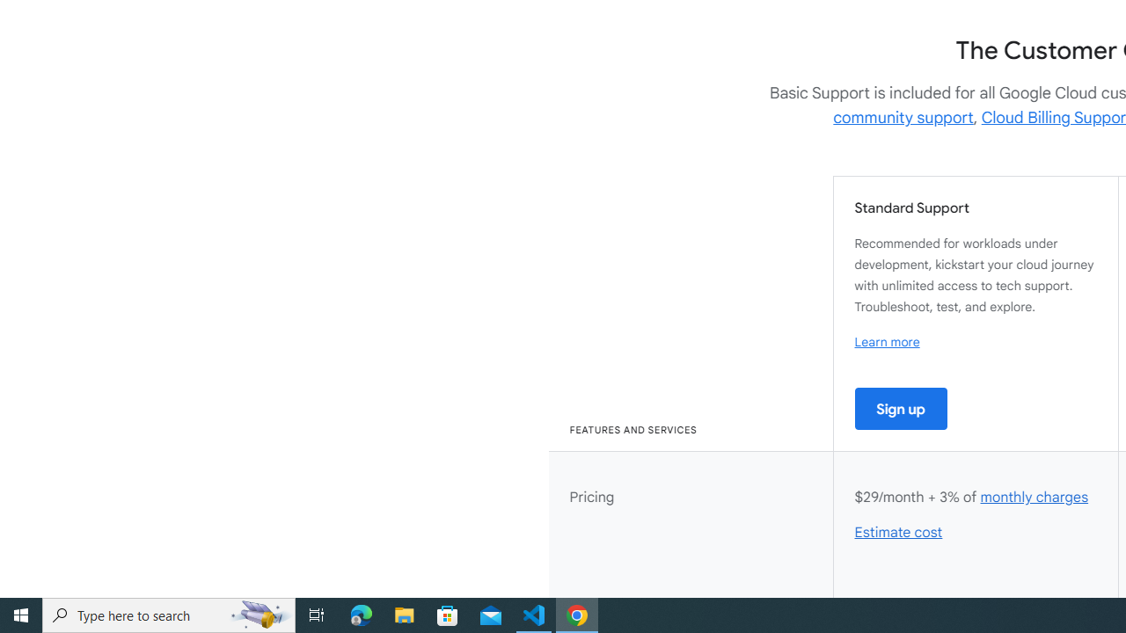  I want to click on 'monthly charges', so click(1034, 497).